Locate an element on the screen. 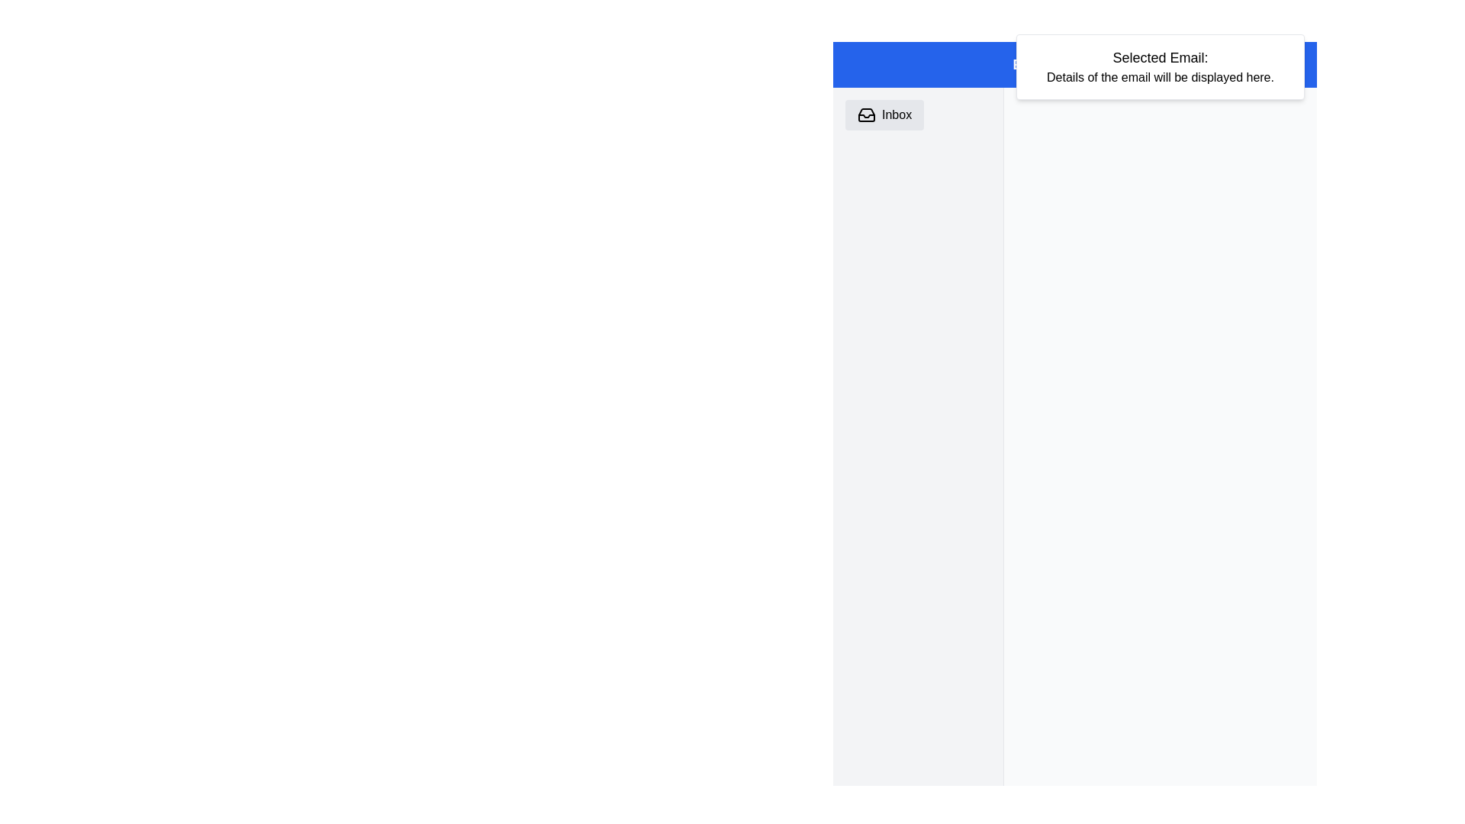 This screenshot has width=1465, height=824. the 'Inbox' button, which is a rectangular button with rounded corners in light gray, located in the left vertical navigation panel near the top is located at coordinates (884, 114).